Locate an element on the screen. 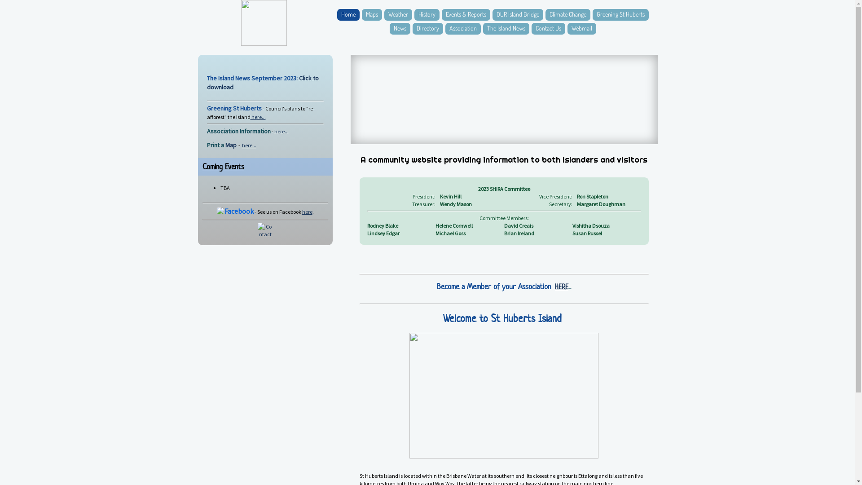 The height and width of the screenshot is (485, 862). 'News' is located at coordinates (400, 28).